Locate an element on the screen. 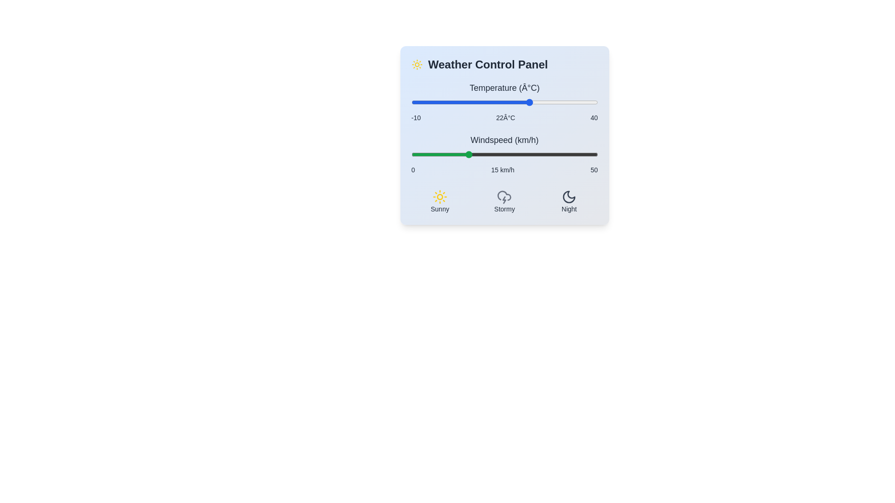 The image size is (895, 503). the crescent moon icon with a dark gray outline labeled 'Night' to confirm selection is located at coordinates (568, 197).